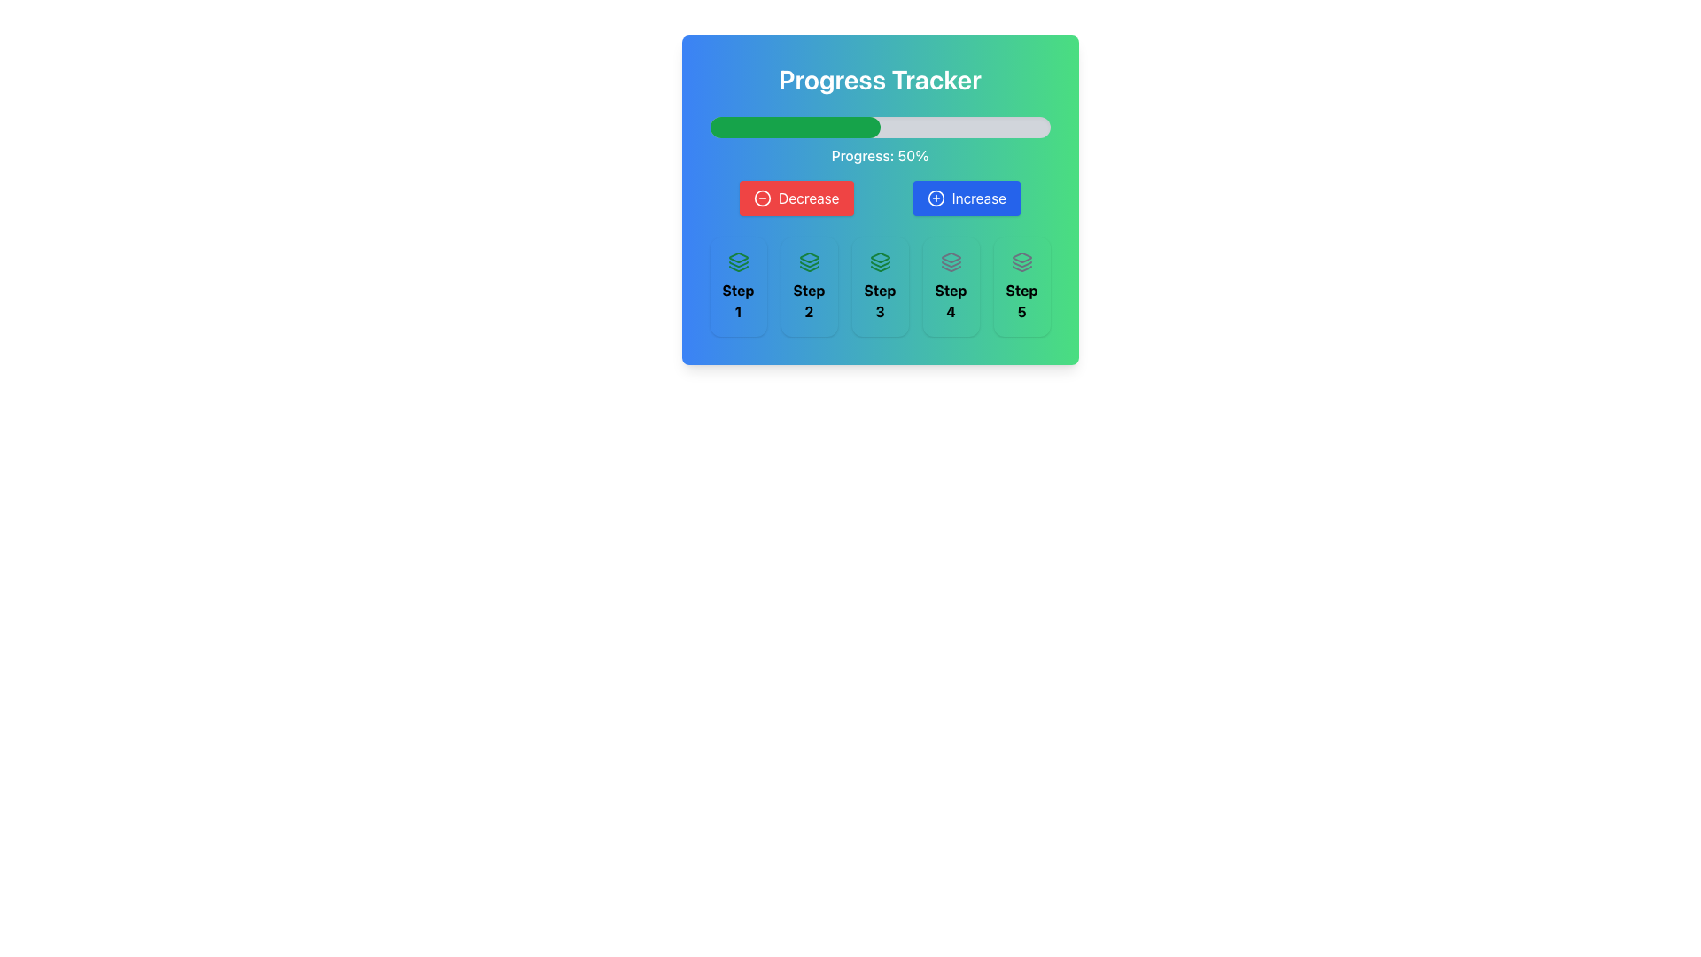 The width and height of the screenshot is (1701, 957). Describe the element at coordinates (880, 286) in the screenshot. I see `the highlighted third step in the horizontal step indicator of the Progress Tracker interface` at that location.